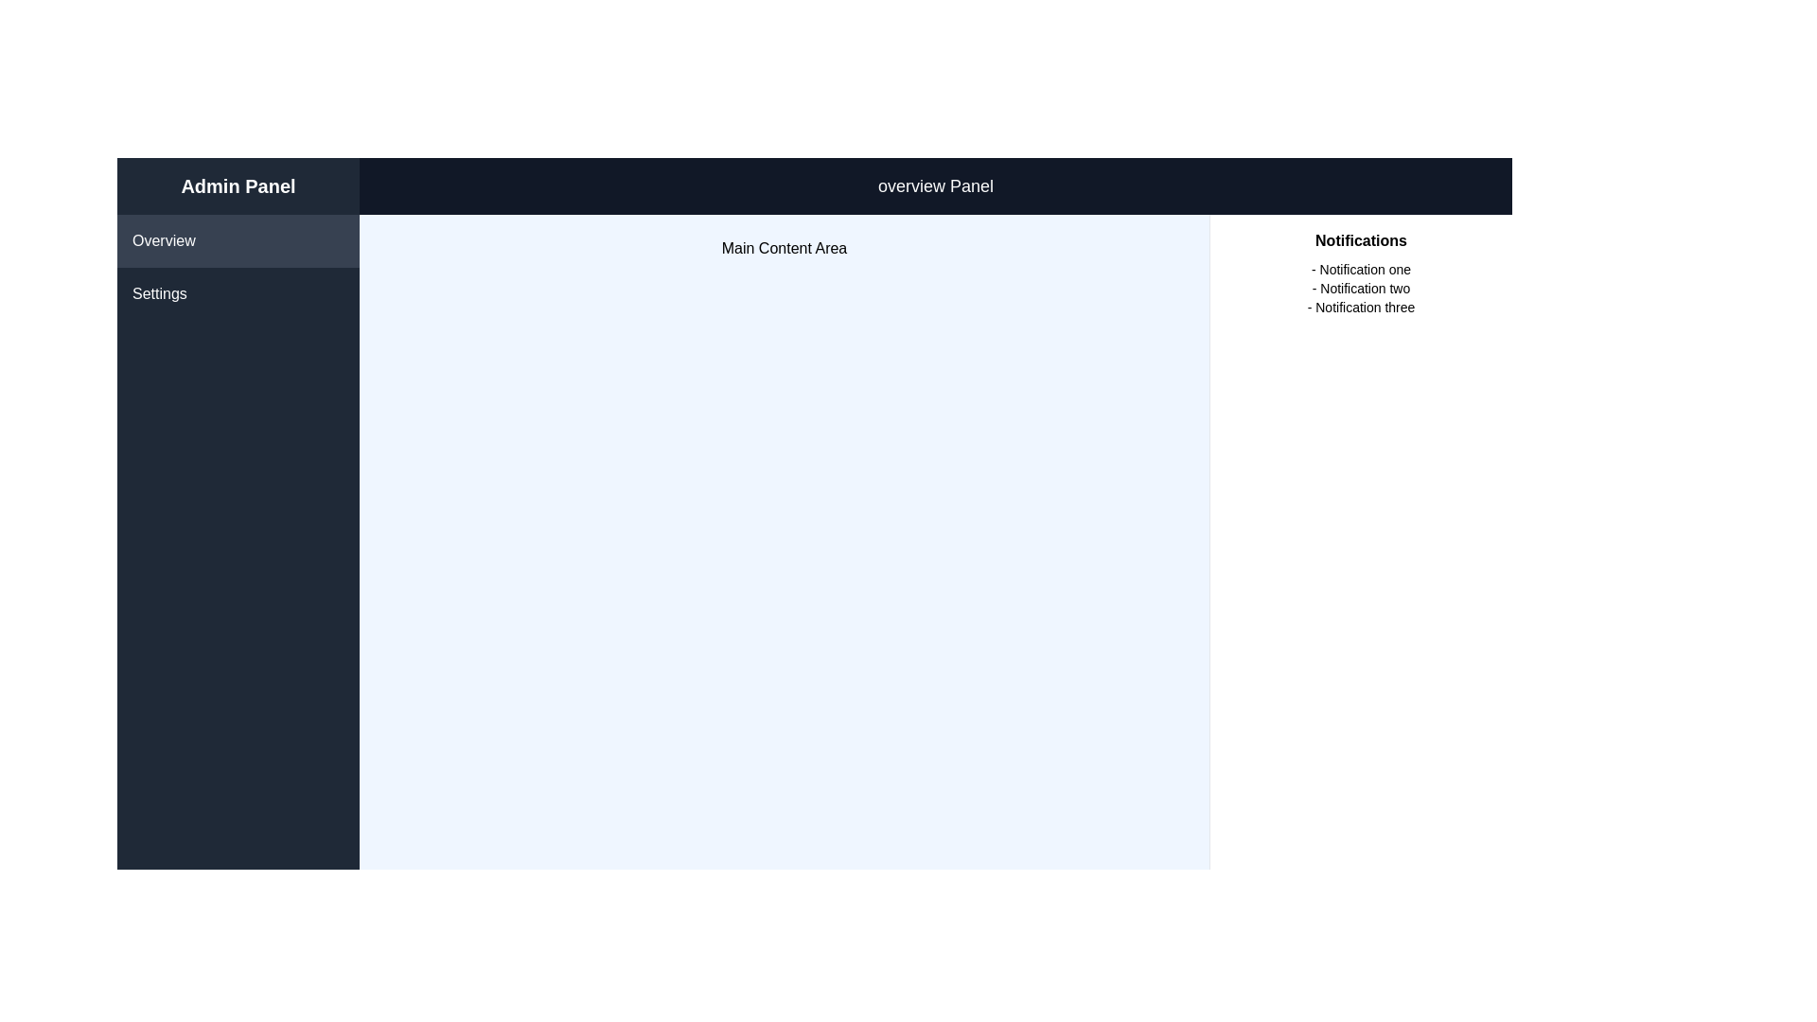  What do you see at coordinates (238, 239) in the screenshot?
I see `the 'Overview' button located in the Admin Panel sidebar` at bounding box center [238, 239].